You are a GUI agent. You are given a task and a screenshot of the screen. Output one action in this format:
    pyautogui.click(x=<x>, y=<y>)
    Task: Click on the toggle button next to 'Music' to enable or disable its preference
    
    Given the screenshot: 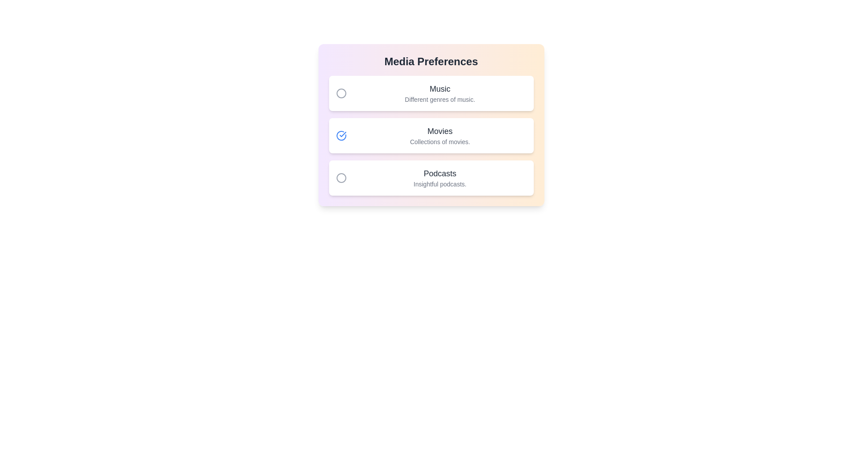 What is the action you would take?
    pyautogui.click(x=341, y=93)
    